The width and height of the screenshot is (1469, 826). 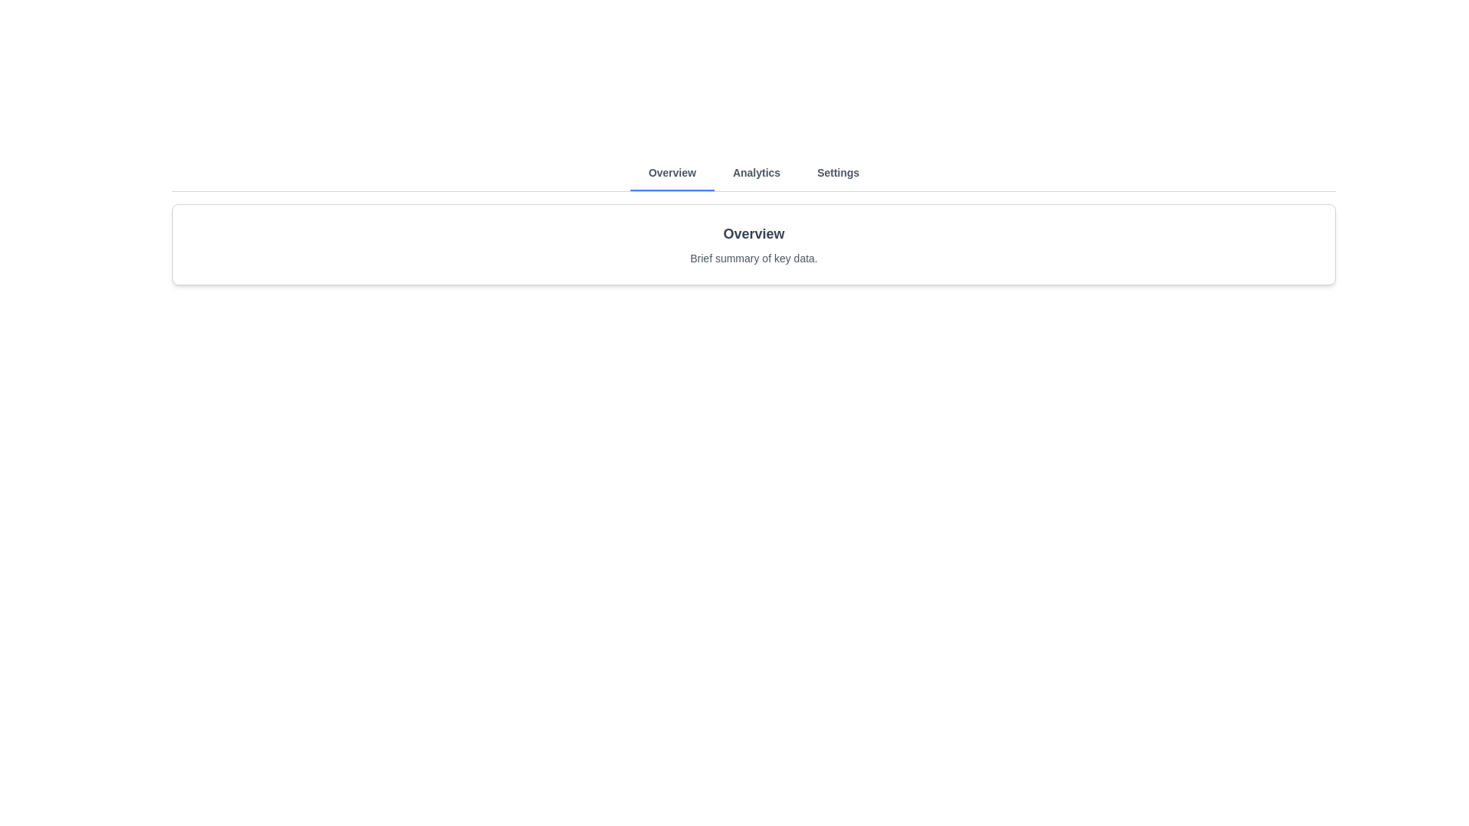 What do you see at coordinates (672, 173) in the screenshot?
I see `the Overview tab to observe its hover effect` at bounding box center [672, 173].